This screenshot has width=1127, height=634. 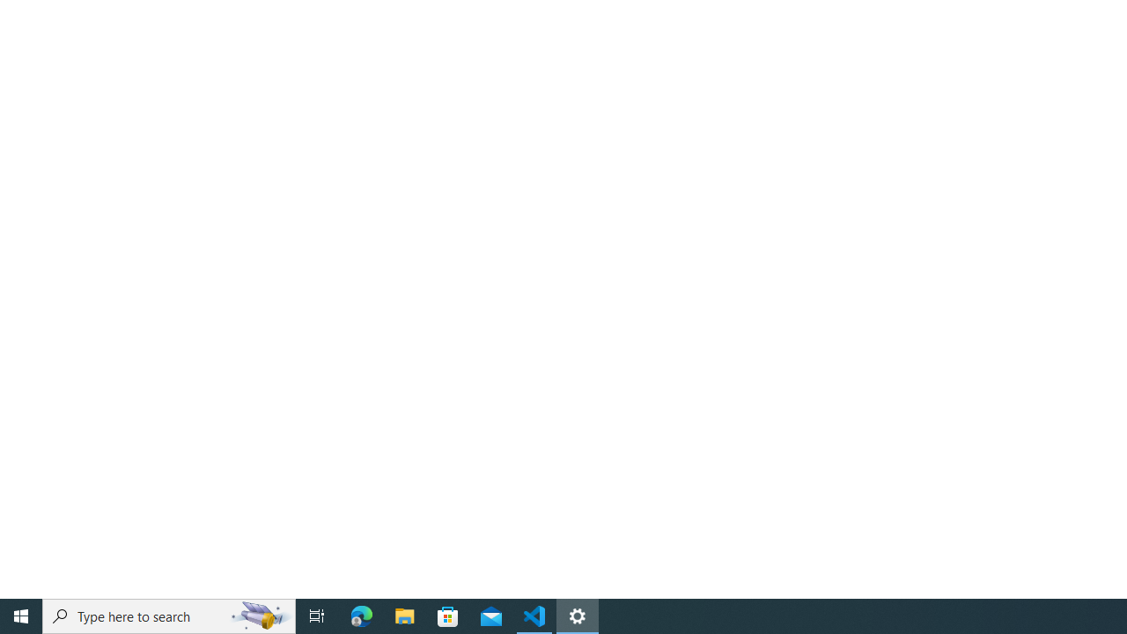 I want to click on 'Start', so click(x=21, y=615).